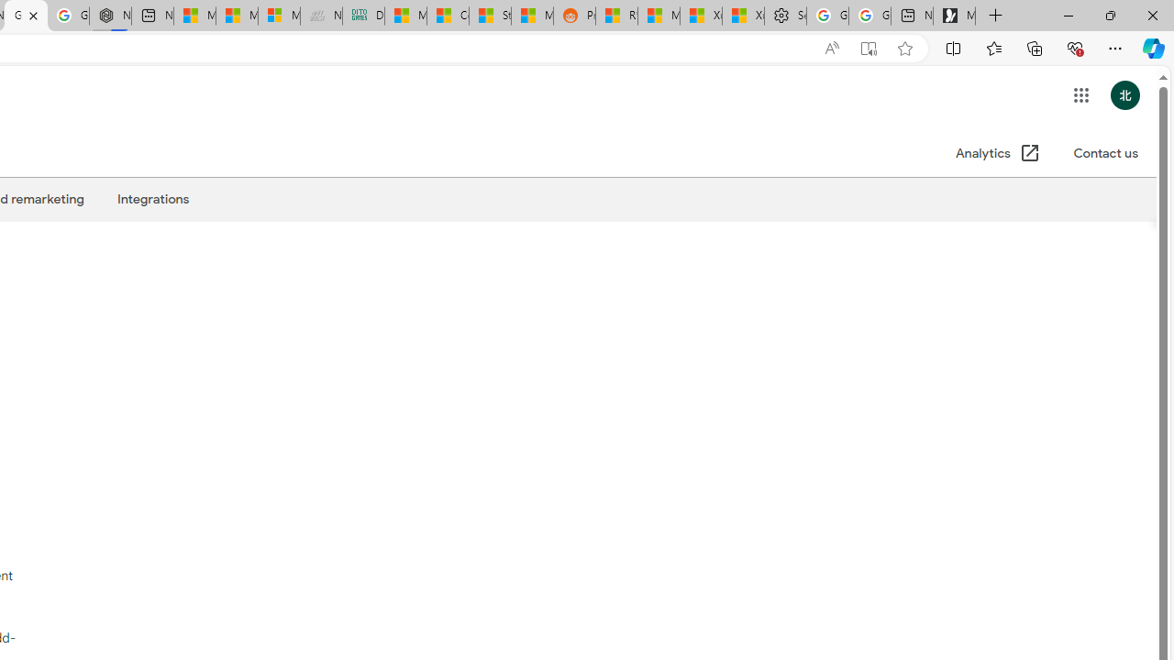  I want to click on 'Class: gb_E', so click(1080, 95).